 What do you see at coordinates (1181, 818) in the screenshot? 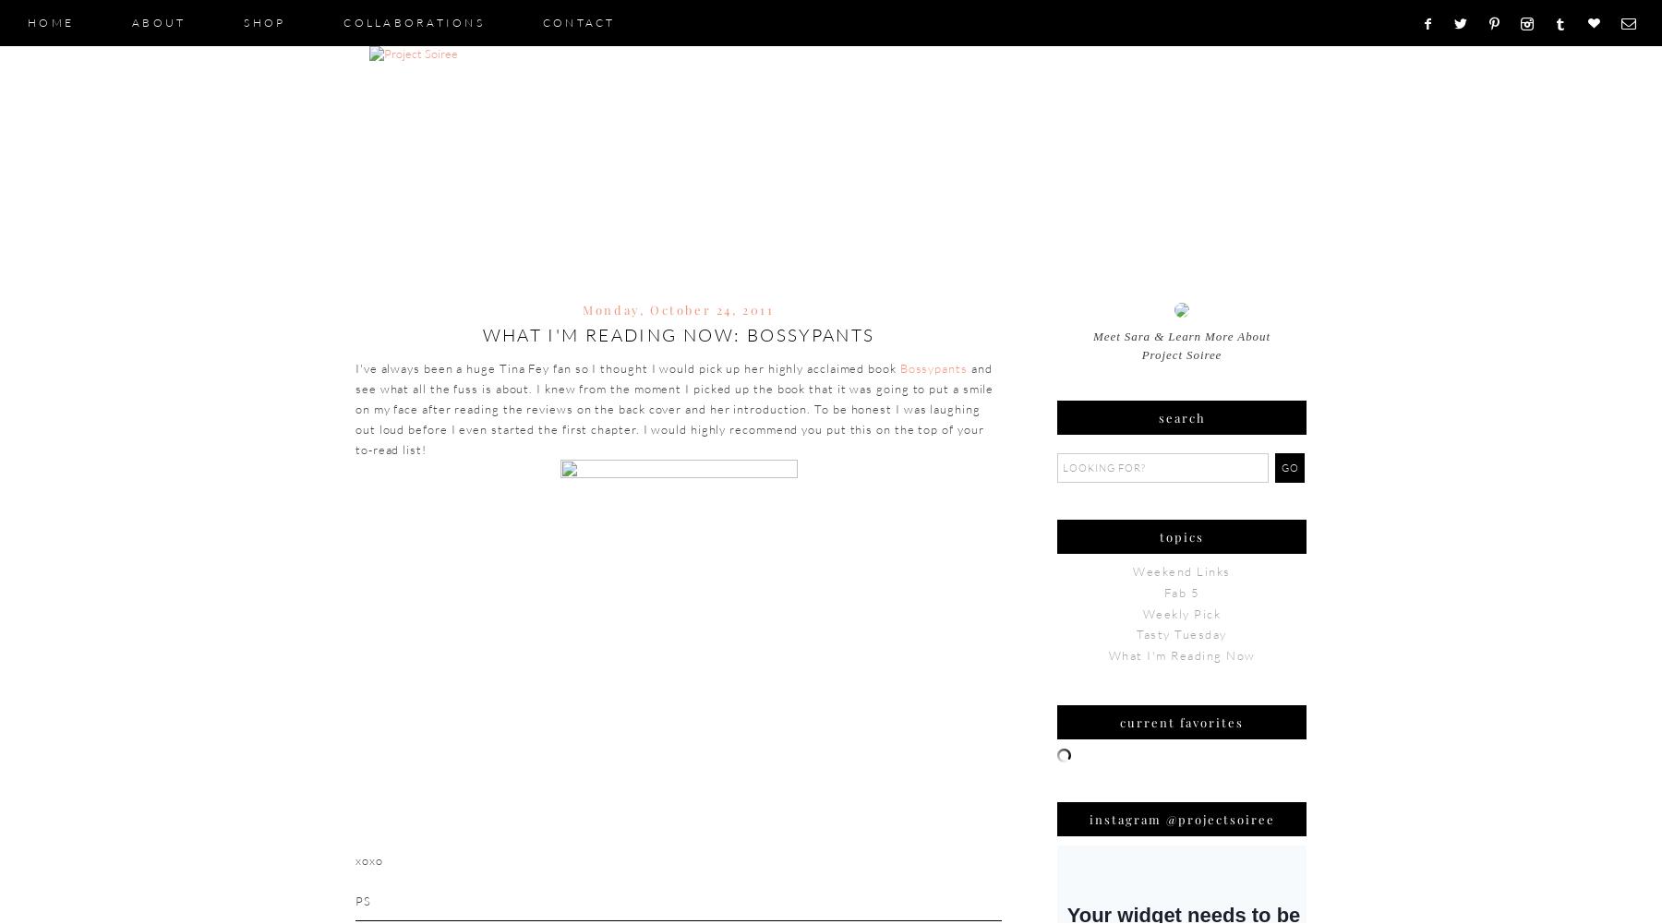
I see `'Instagram @projectsoiree'` at bounding box center [1181, 818].